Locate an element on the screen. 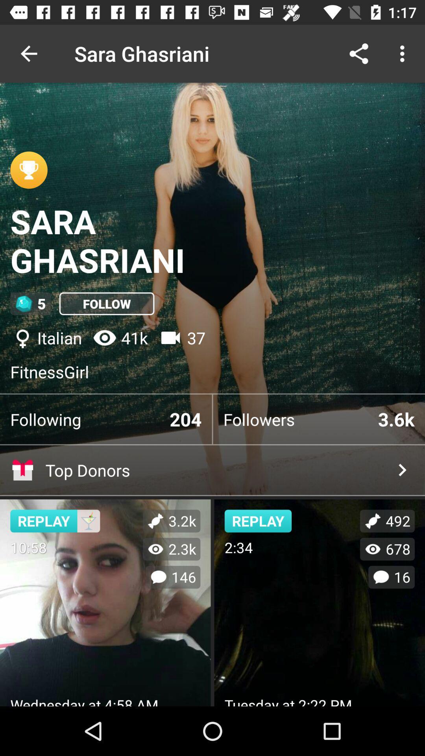 The height and width of the screenshot is (756, 425). the item below sara is located at coordinates (30, 303).